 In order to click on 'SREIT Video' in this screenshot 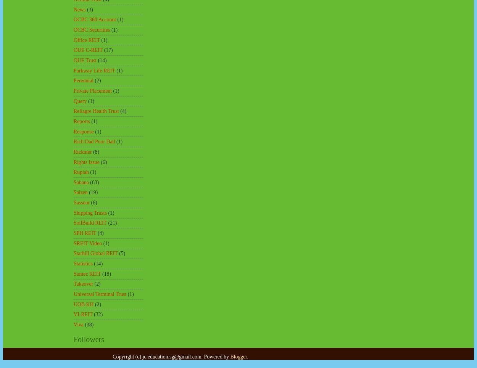, I will do `click(87, 243)`.